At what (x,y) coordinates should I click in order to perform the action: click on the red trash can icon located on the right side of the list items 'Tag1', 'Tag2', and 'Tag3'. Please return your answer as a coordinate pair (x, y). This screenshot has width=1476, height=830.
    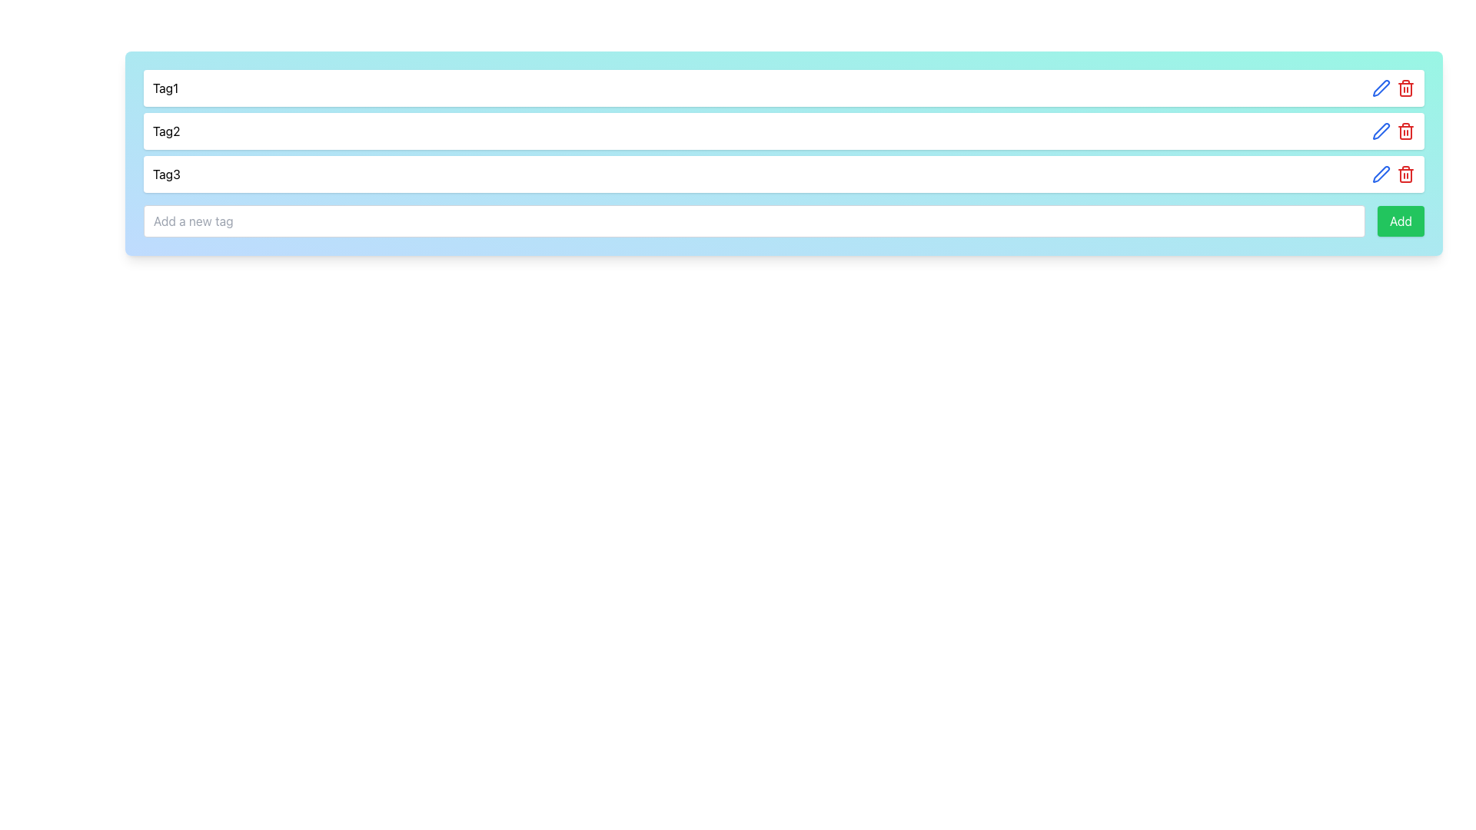
    Looking at the image, I should click on (1405, 174).